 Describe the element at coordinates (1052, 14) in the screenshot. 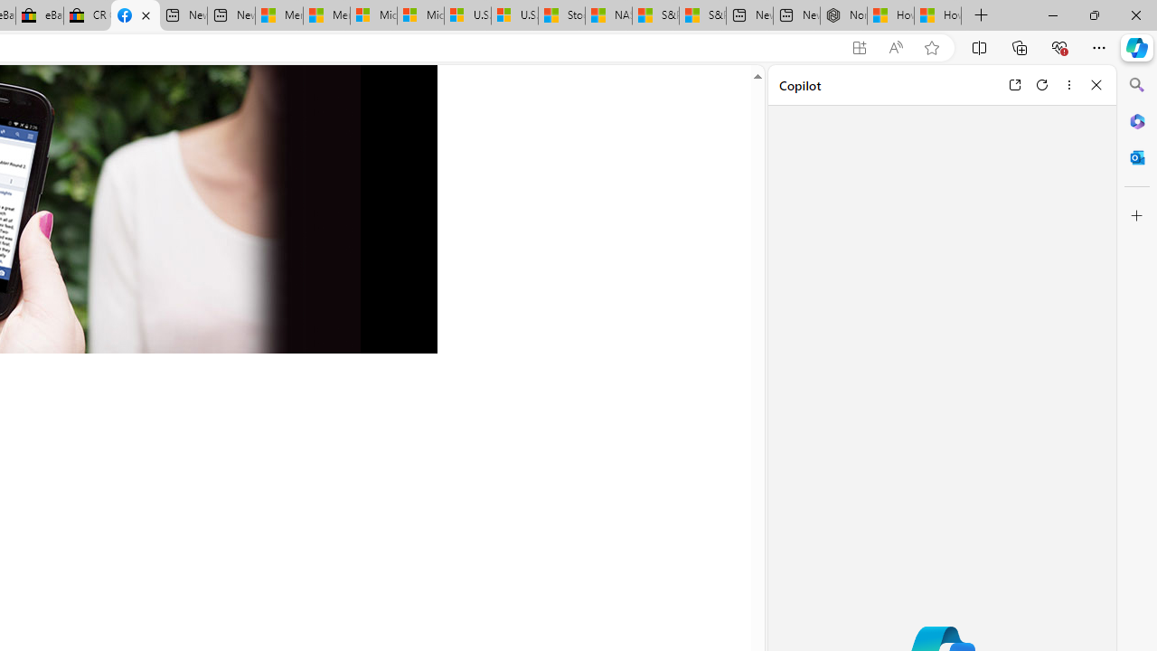

I see `'Minimize'` at that location.